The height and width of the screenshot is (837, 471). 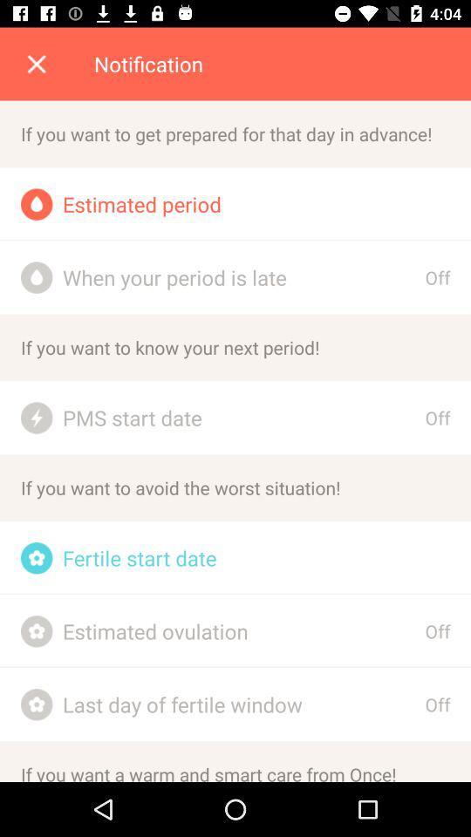 What do you see at coordinates (37, 64) in the screenshot?
I see `the close icon` at bounding box center [37, 64].